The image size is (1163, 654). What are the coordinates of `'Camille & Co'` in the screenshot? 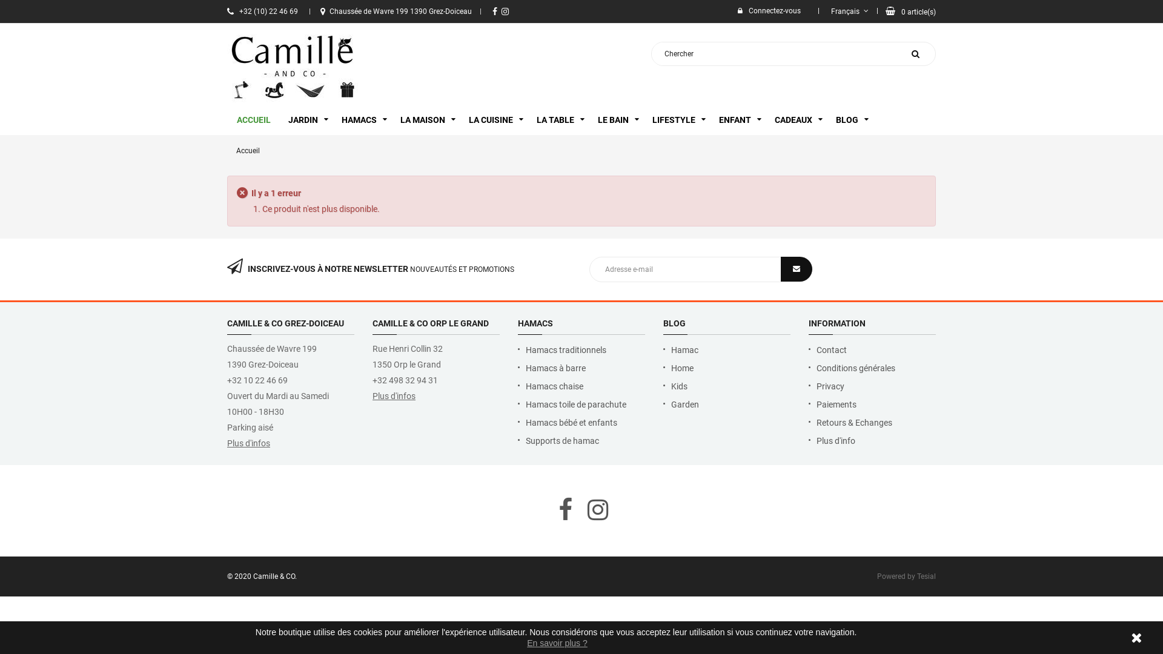 It's located at (293, 65).